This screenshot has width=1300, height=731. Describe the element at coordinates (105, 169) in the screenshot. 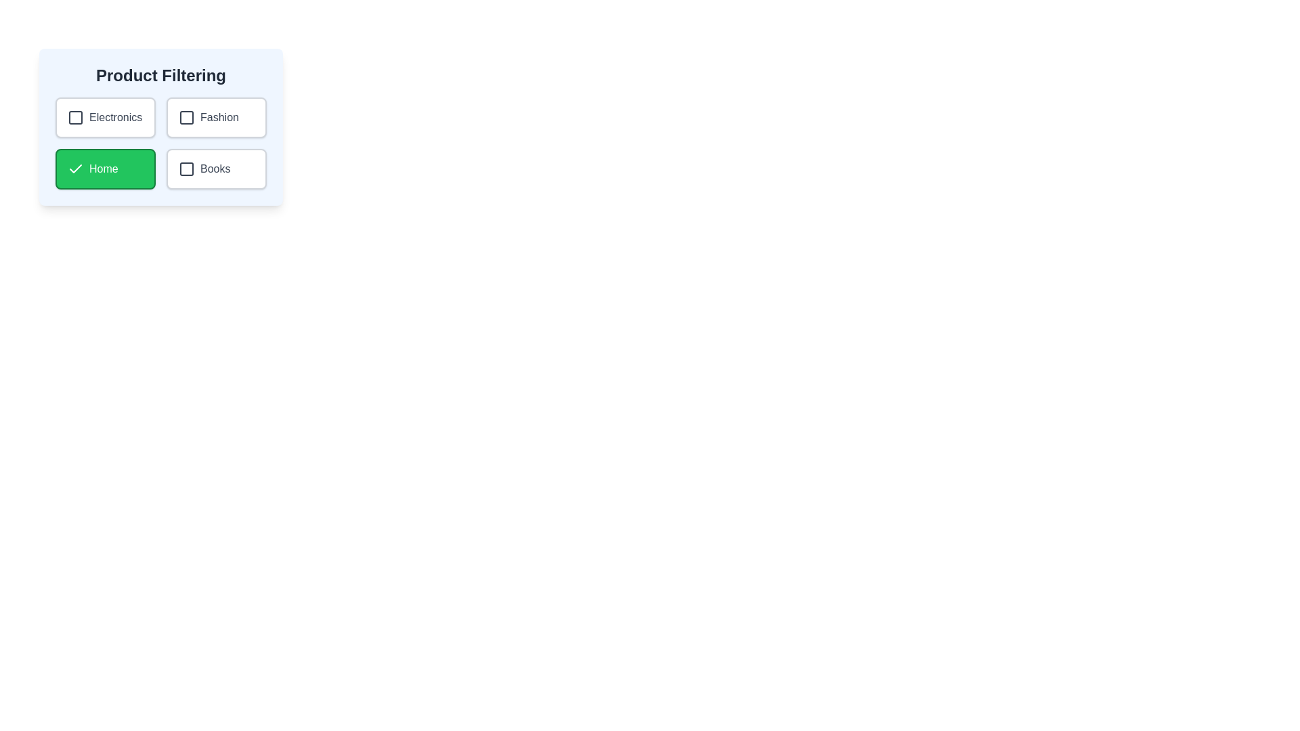

I see `the category Home by clicking on its button` at that location.